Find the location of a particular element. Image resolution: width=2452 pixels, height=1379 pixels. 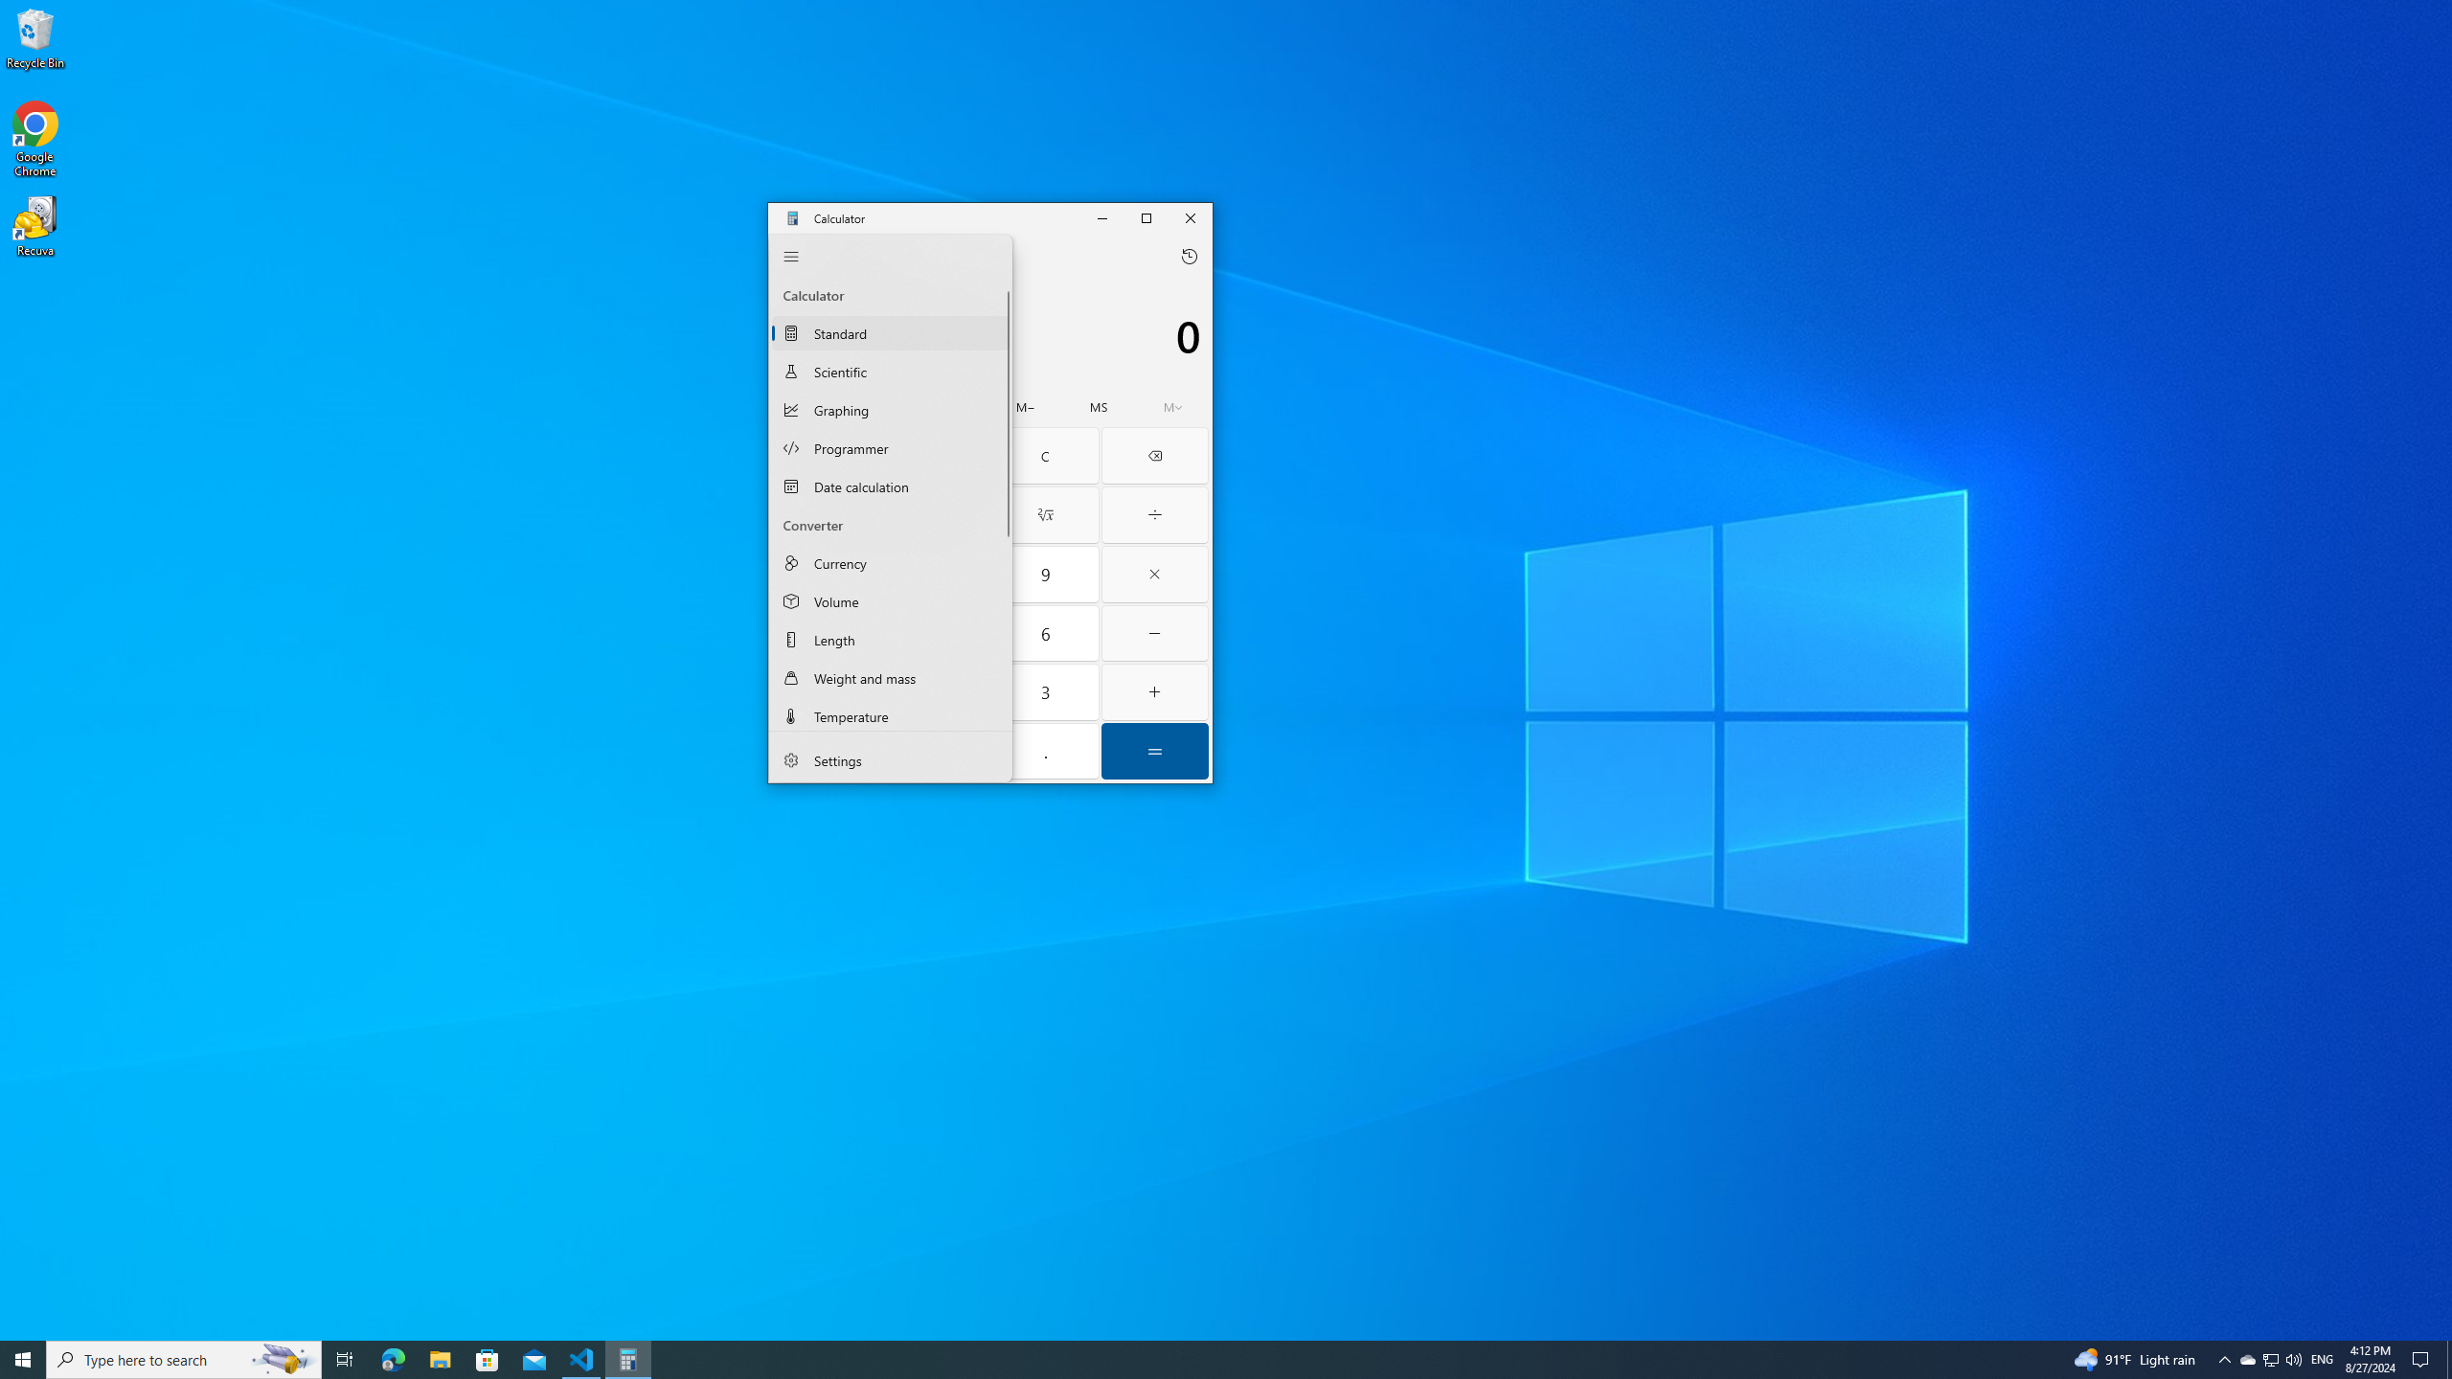

'Close Navigation' is located at coordinates (789, 257).